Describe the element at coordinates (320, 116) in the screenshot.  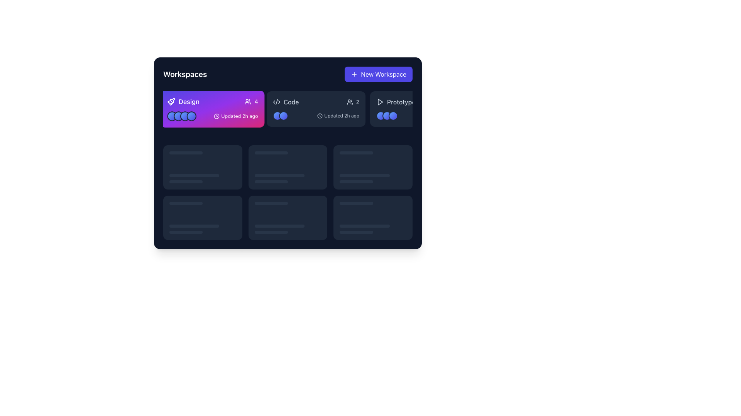
I see `the decorative icon (SVG) adjacent to the text 'Updated 2h ago.' in the 'Code' section of the workspace panel` at that location.